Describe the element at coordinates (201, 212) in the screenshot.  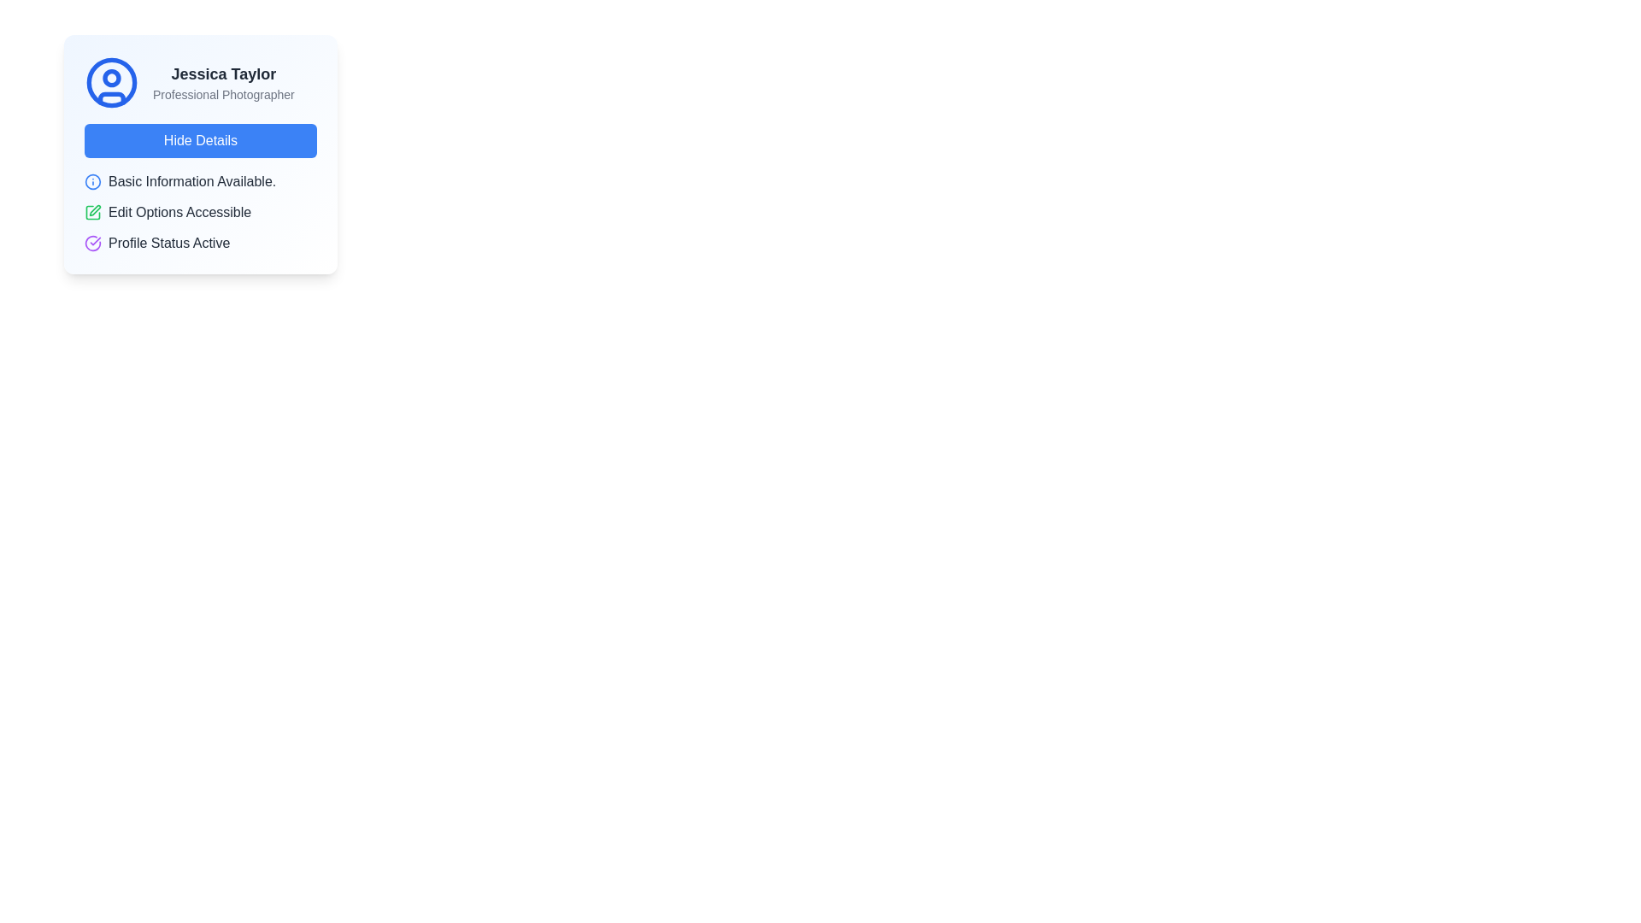
I see `the text indicator for editing options, which is positioned between 'Basic Information Available' and 'Profile Status Active'` at that location.